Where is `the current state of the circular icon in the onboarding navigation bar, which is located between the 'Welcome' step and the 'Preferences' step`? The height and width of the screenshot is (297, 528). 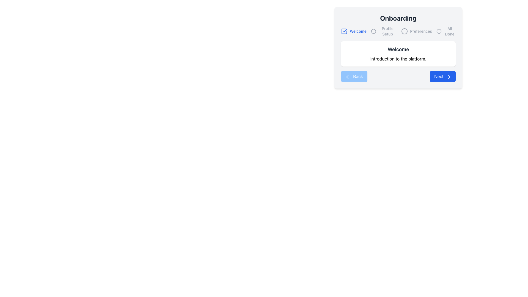
the current state of the circular icon in the onboarding navigation bar, which is located between the 'Welcome' step and the 'Preferences' step is located at coordinates (373, 31).